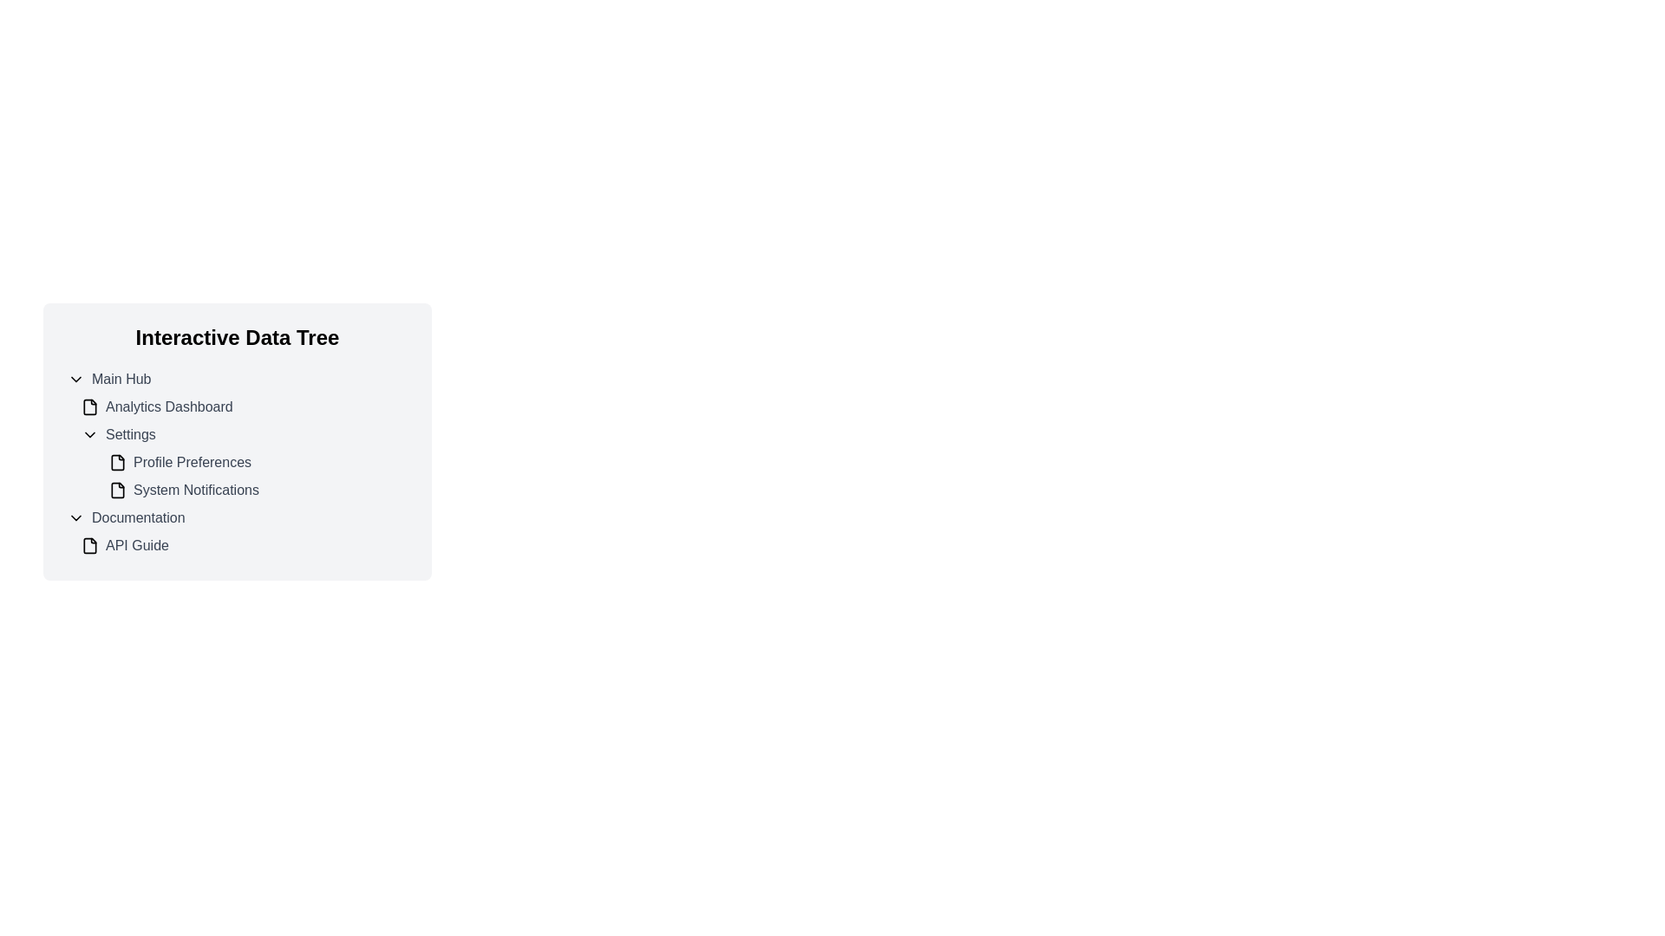  What do you see at coordinates (169, 407) in the screenshot?
I see `the 'Analytics Dashboard' navigational label located in the 'Interactive Data Tree' section, which is the second item under 'Main Hub'` at bounding box center [169, 407].